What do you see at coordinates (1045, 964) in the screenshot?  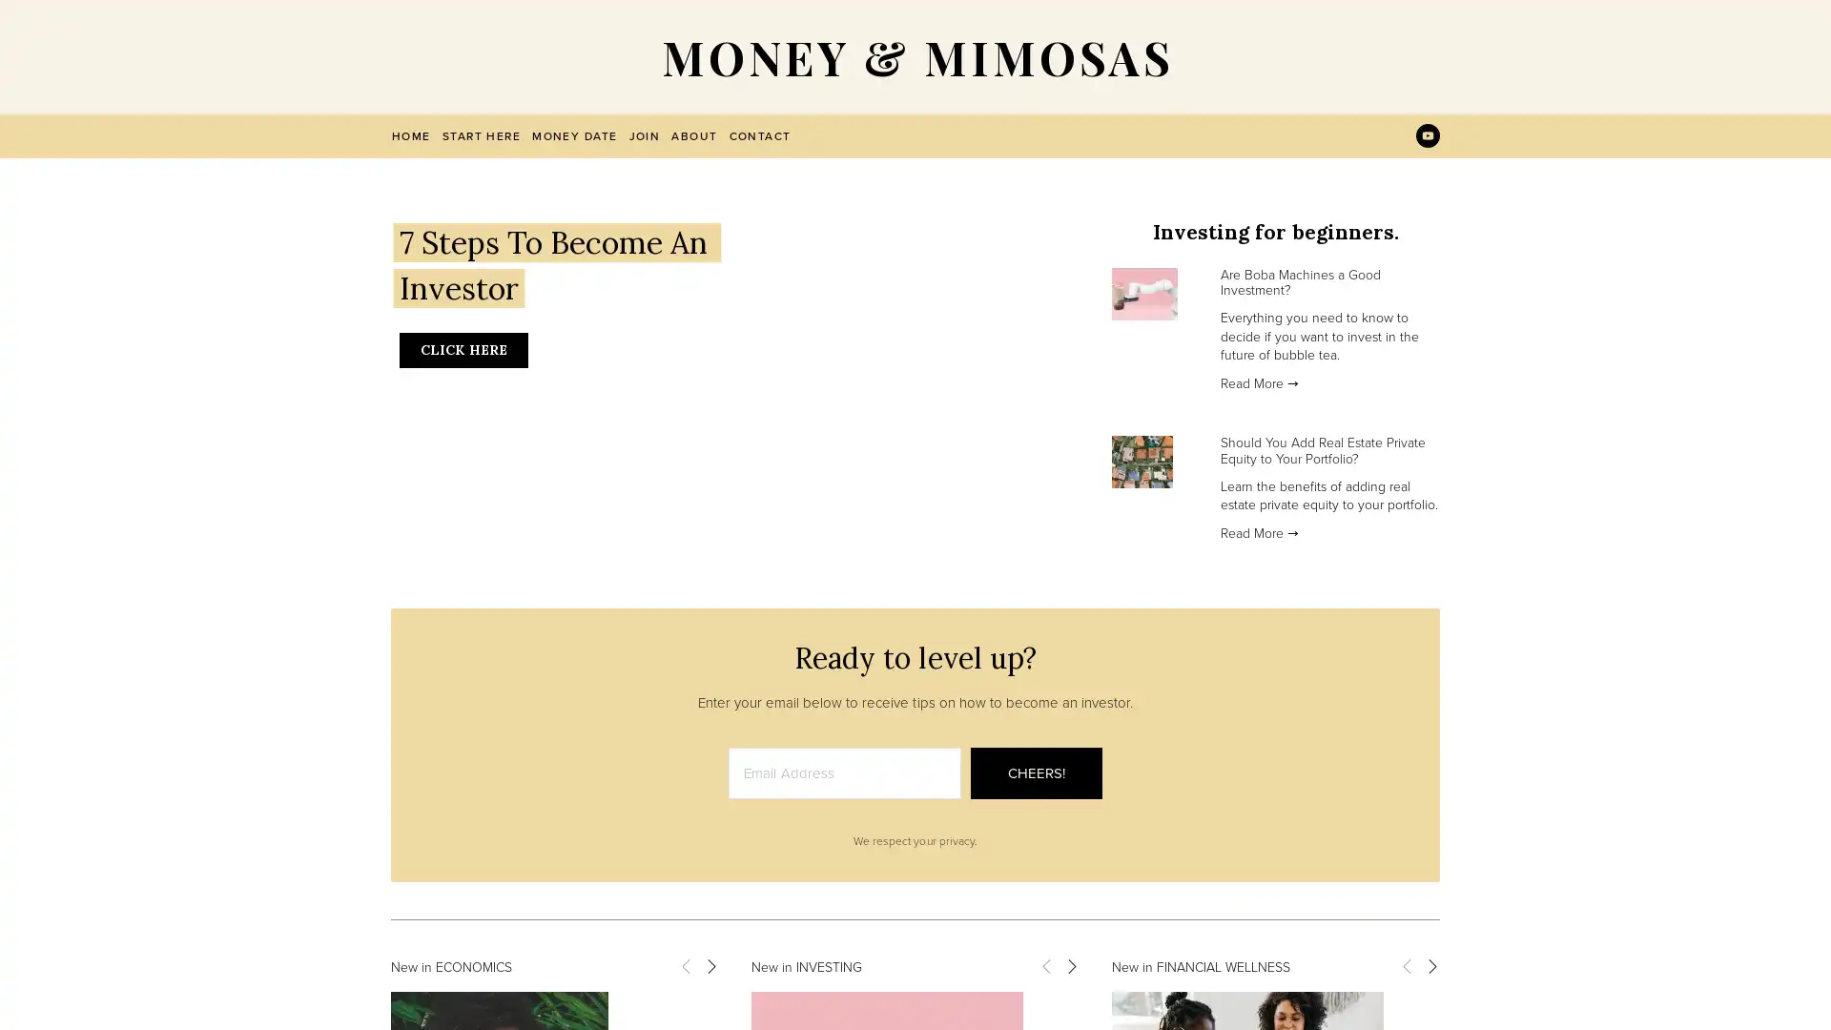 I see `Previous` at bounding box center [1045, 964].